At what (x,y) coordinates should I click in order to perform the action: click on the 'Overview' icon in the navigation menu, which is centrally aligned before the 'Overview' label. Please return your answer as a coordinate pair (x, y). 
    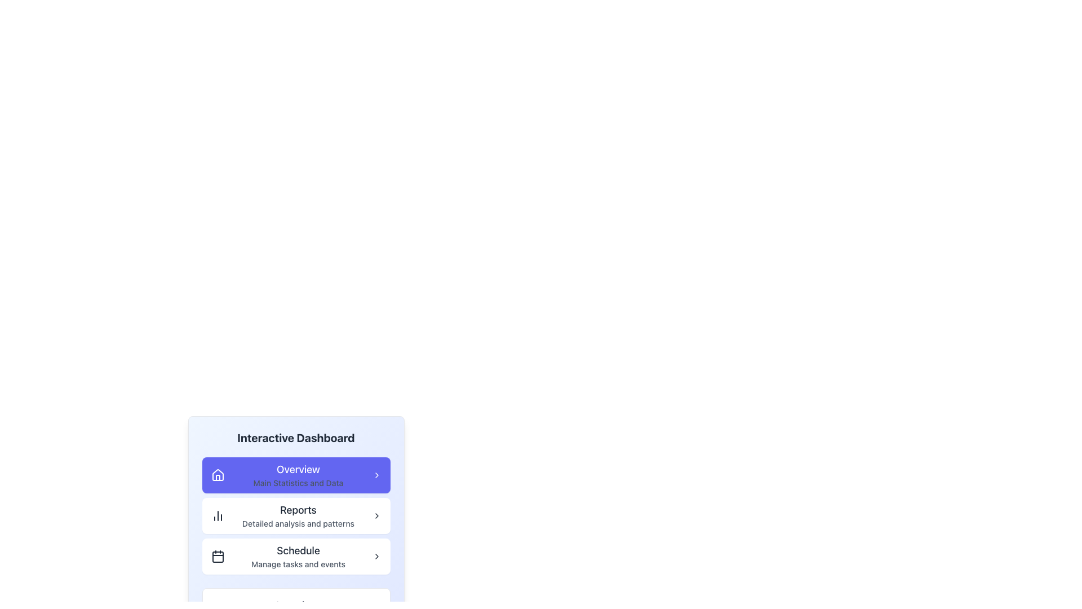
    Looking at the image, I should click on (218, 475).